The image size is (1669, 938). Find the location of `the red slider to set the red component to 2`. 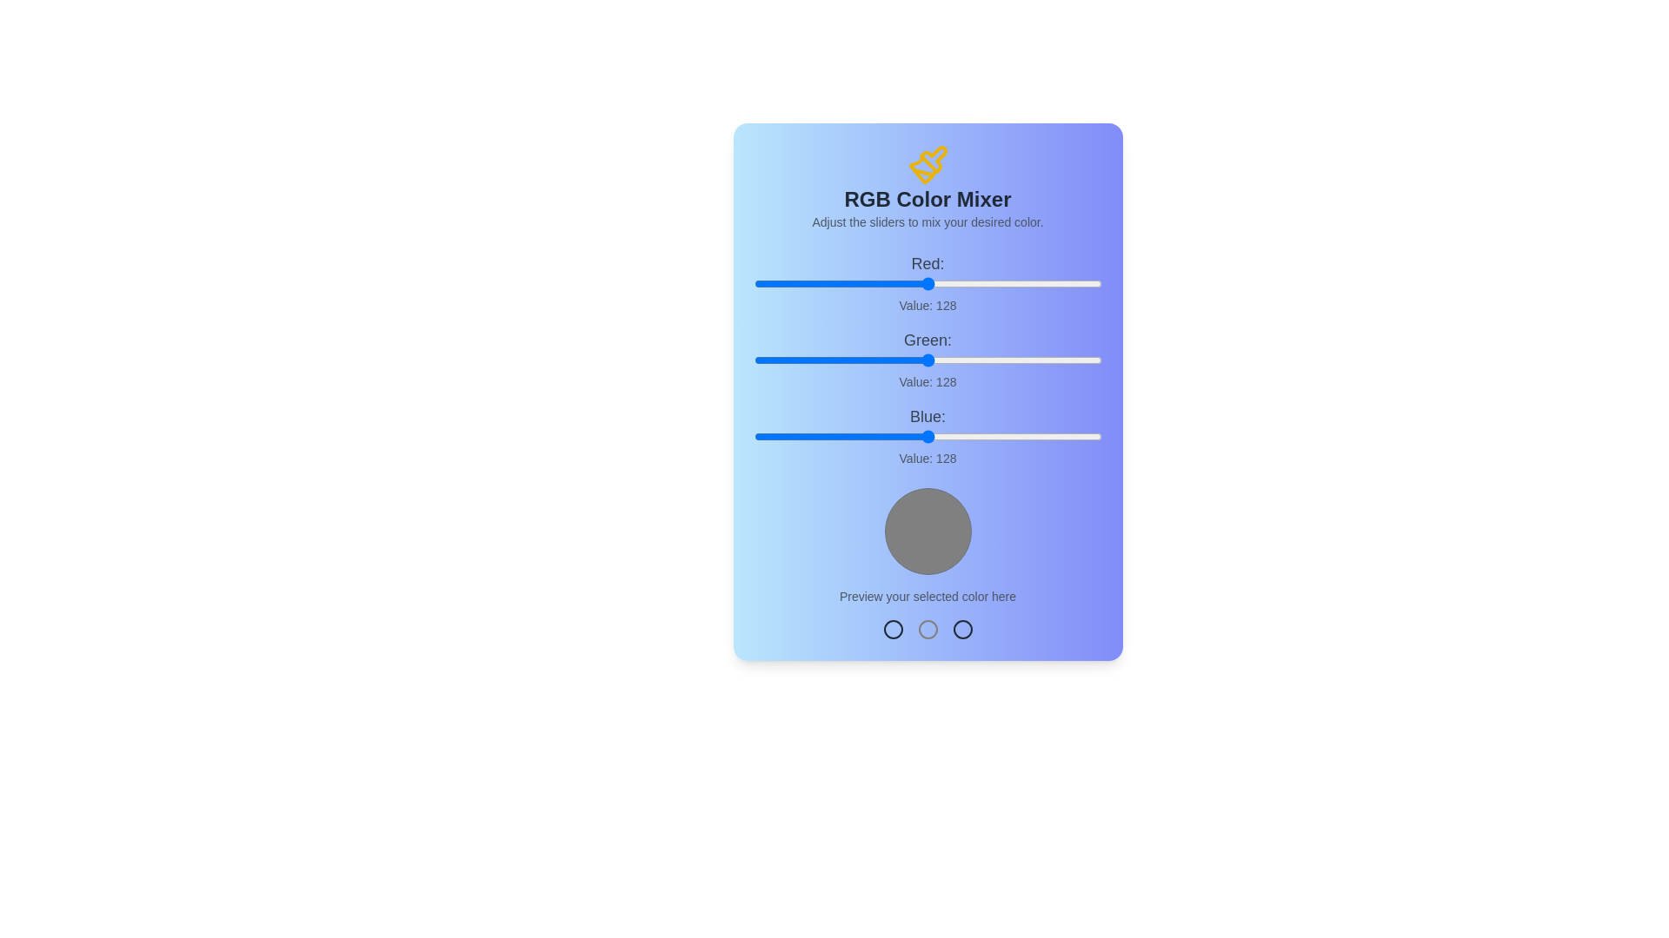

the red slider to set the red component to 2 is located at coordinates (756, 283).